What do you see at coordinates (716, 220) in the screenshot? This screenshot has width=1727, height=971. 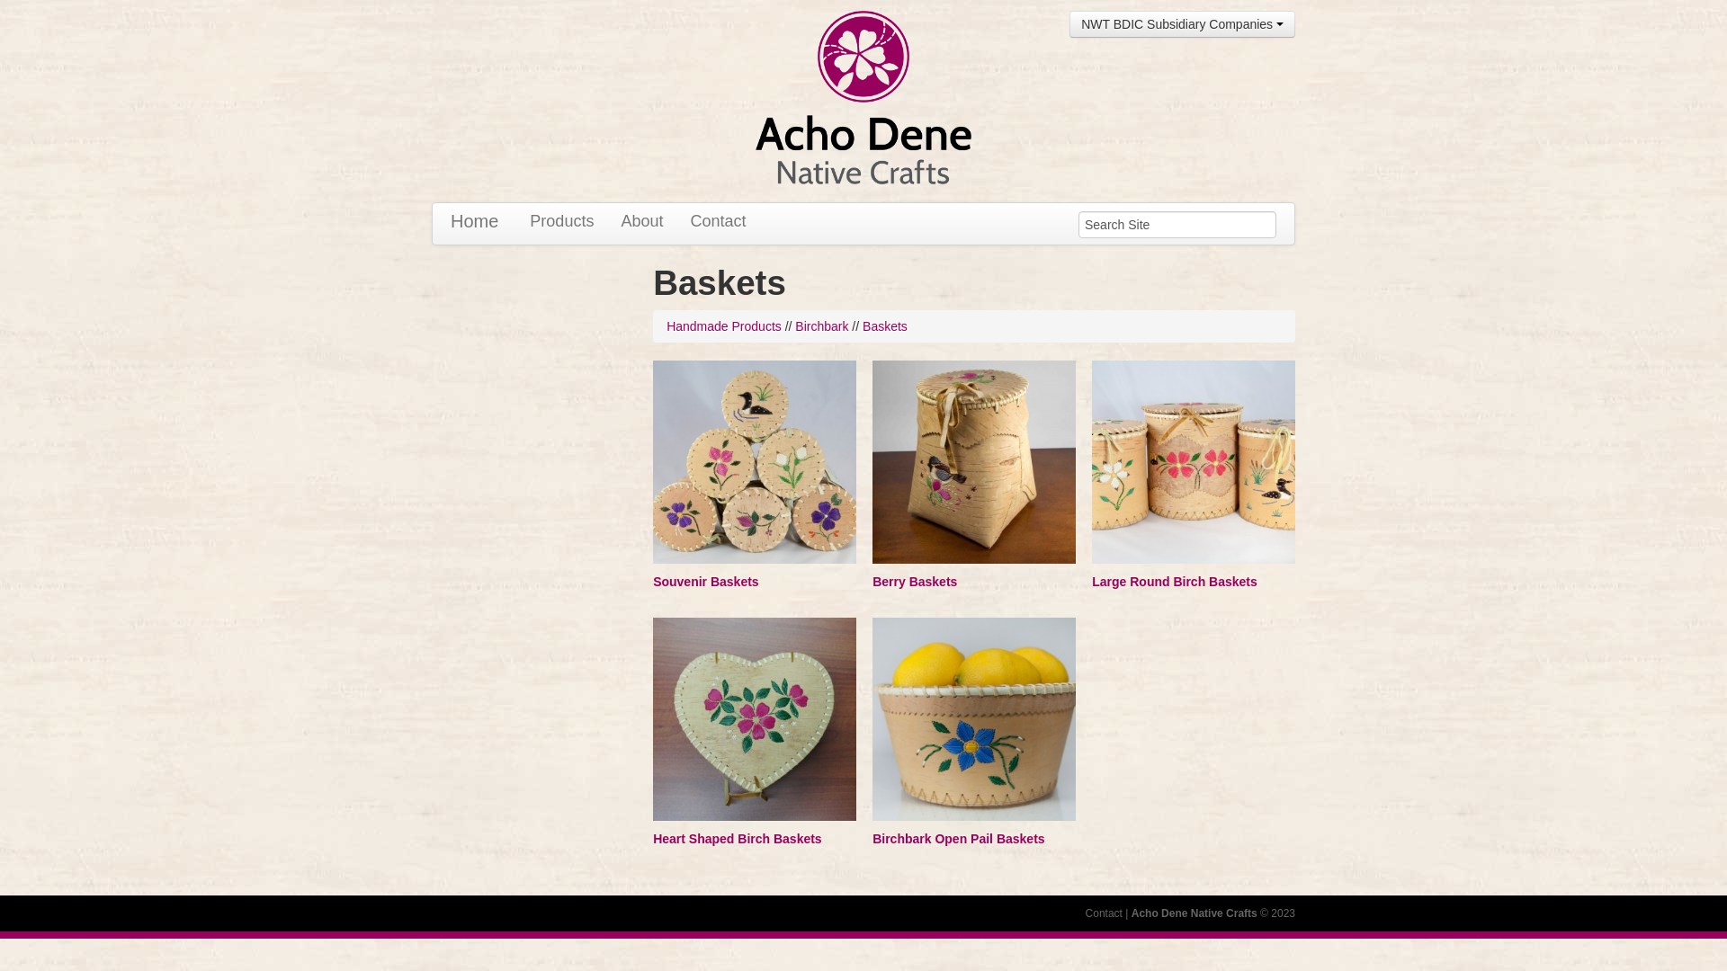 I see `'Contact'` at bounding box center [716, 220].